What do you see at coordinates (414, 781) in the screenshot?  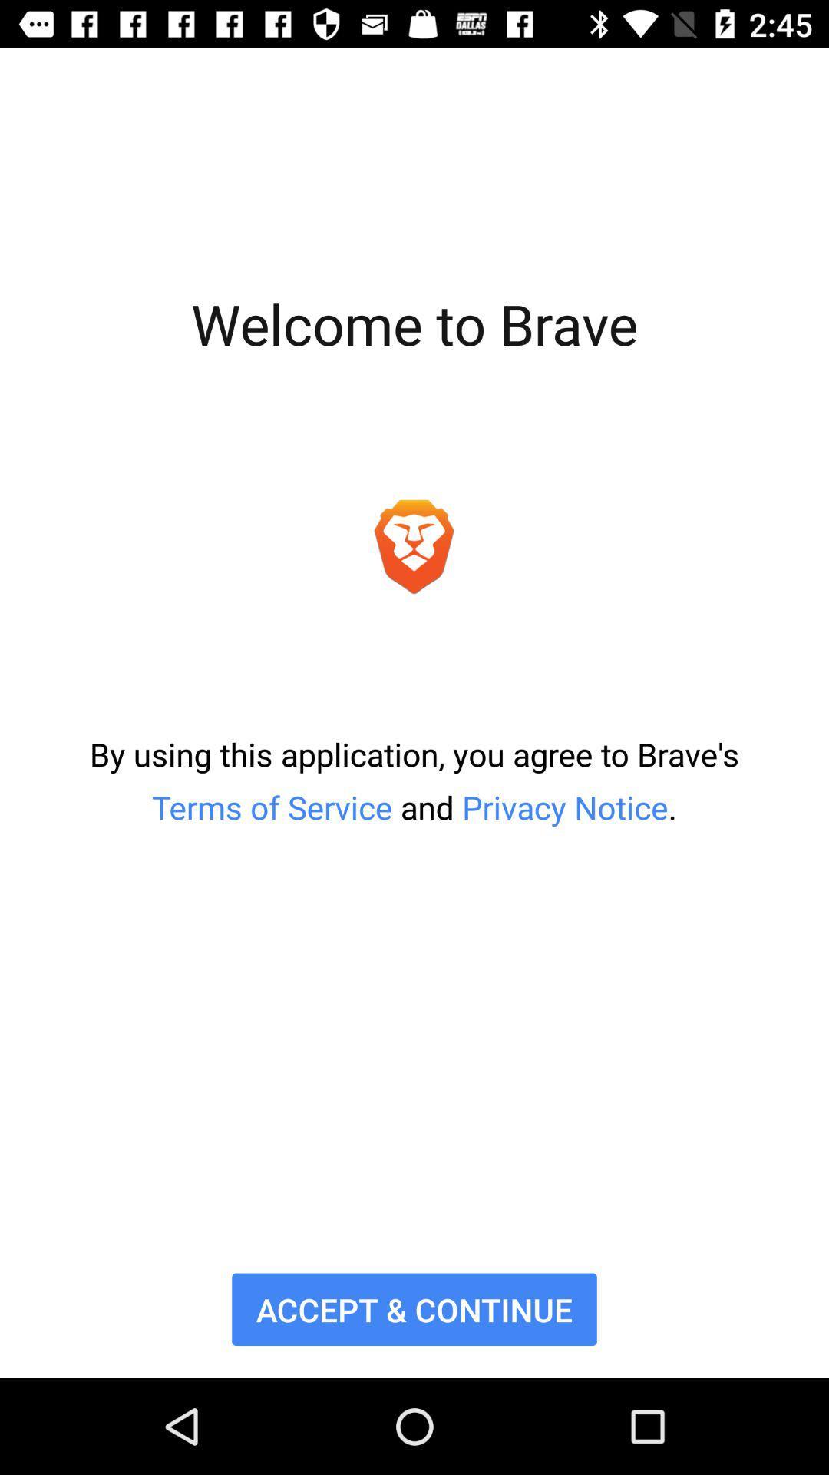 I see `by using this item` at bounding box center [414, 781].